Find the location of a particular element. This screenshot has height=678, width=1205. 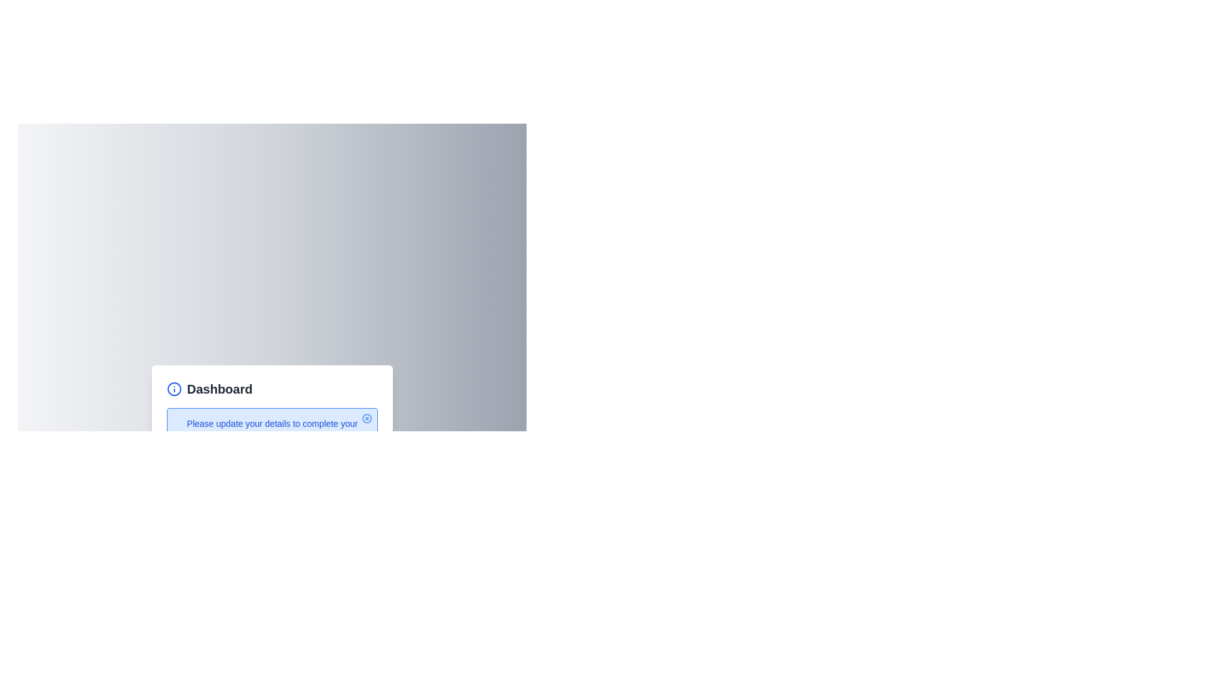

the primary outer circle of the SVG icon located to the left of the 'Dashboard' text is located at coordinates (174, 389).